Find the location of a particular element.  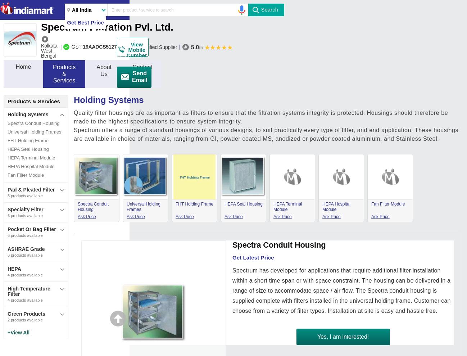

'8 products available' is located at coordinates (25, 195).